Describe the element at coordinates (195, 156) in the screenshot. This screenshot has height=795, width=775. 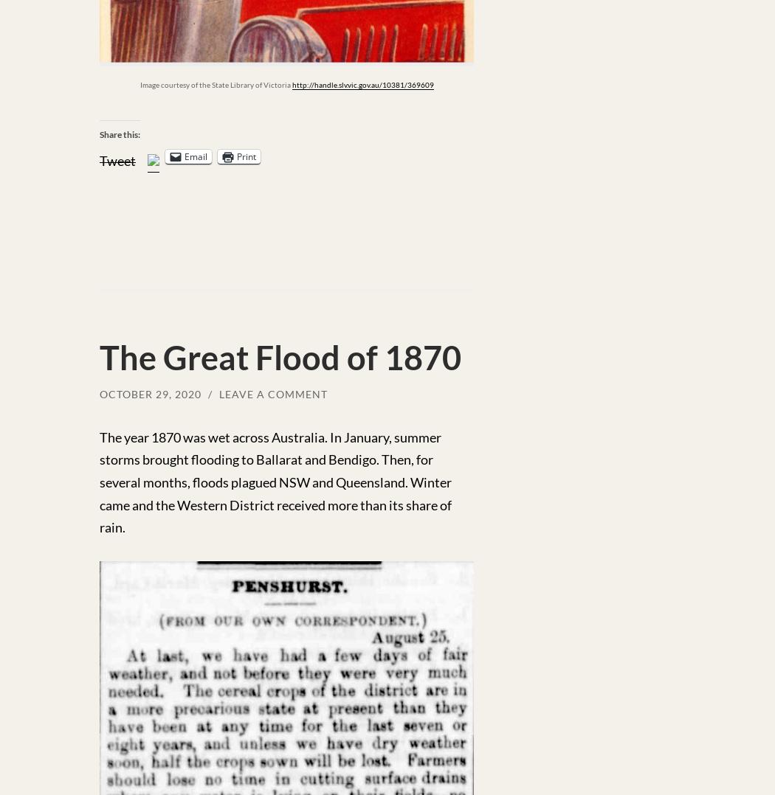
I see `'Email'` at that location.